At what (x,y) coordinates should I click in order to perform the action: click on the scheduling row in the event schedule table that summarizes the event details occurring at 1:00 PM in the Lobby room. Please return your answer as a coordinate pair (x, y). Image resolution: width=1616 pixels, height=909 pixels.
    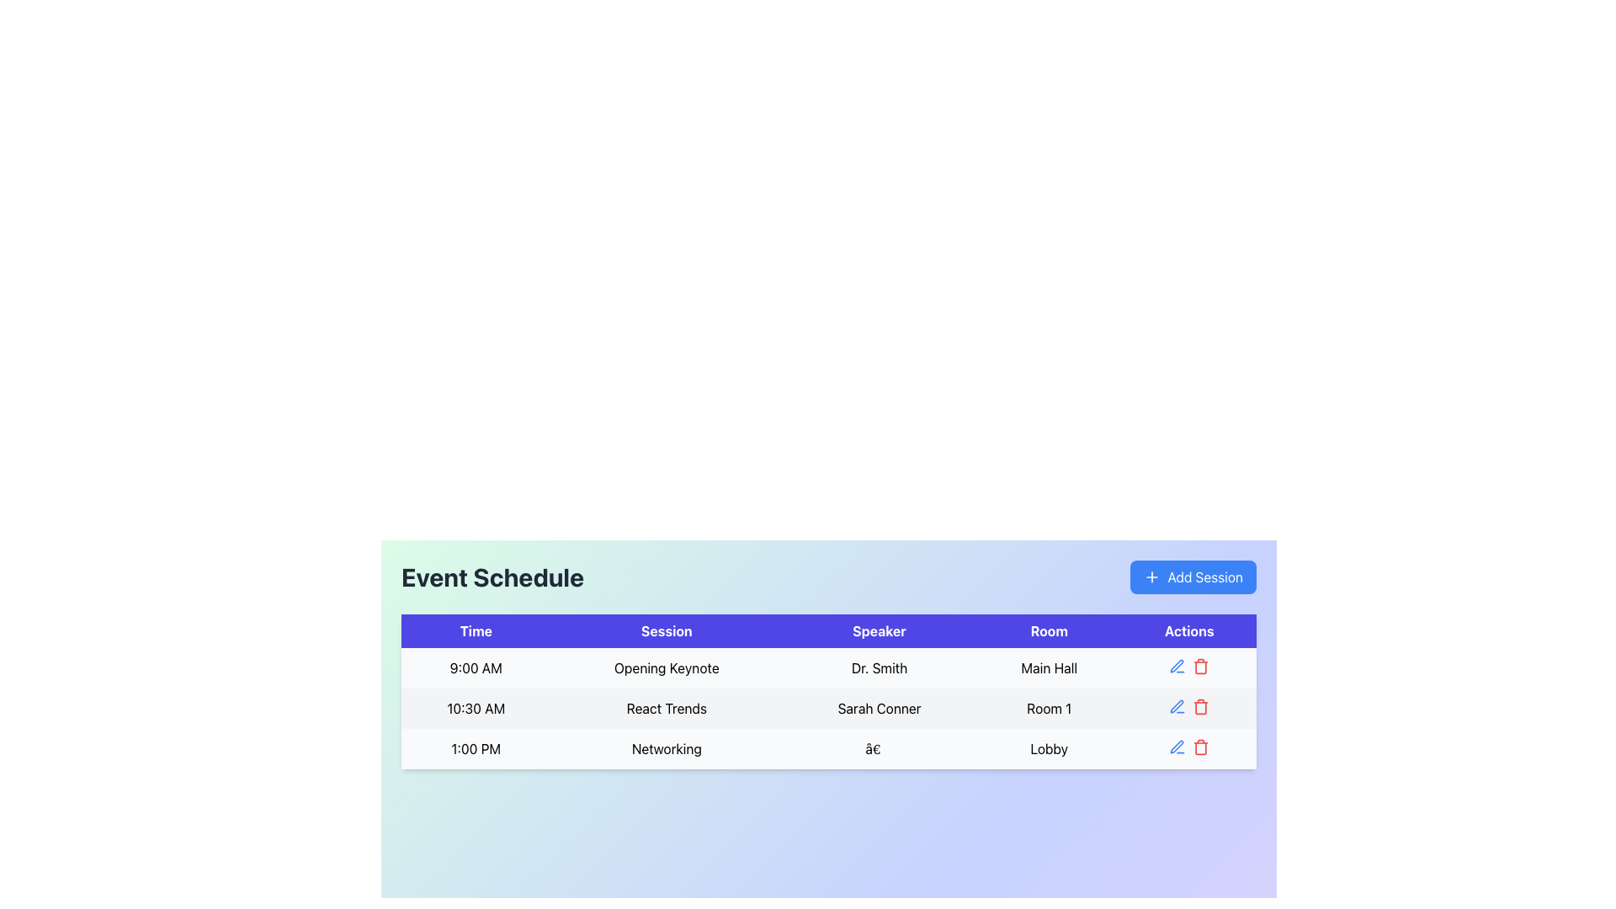
    Looking at the image, I should click on (828, 748).